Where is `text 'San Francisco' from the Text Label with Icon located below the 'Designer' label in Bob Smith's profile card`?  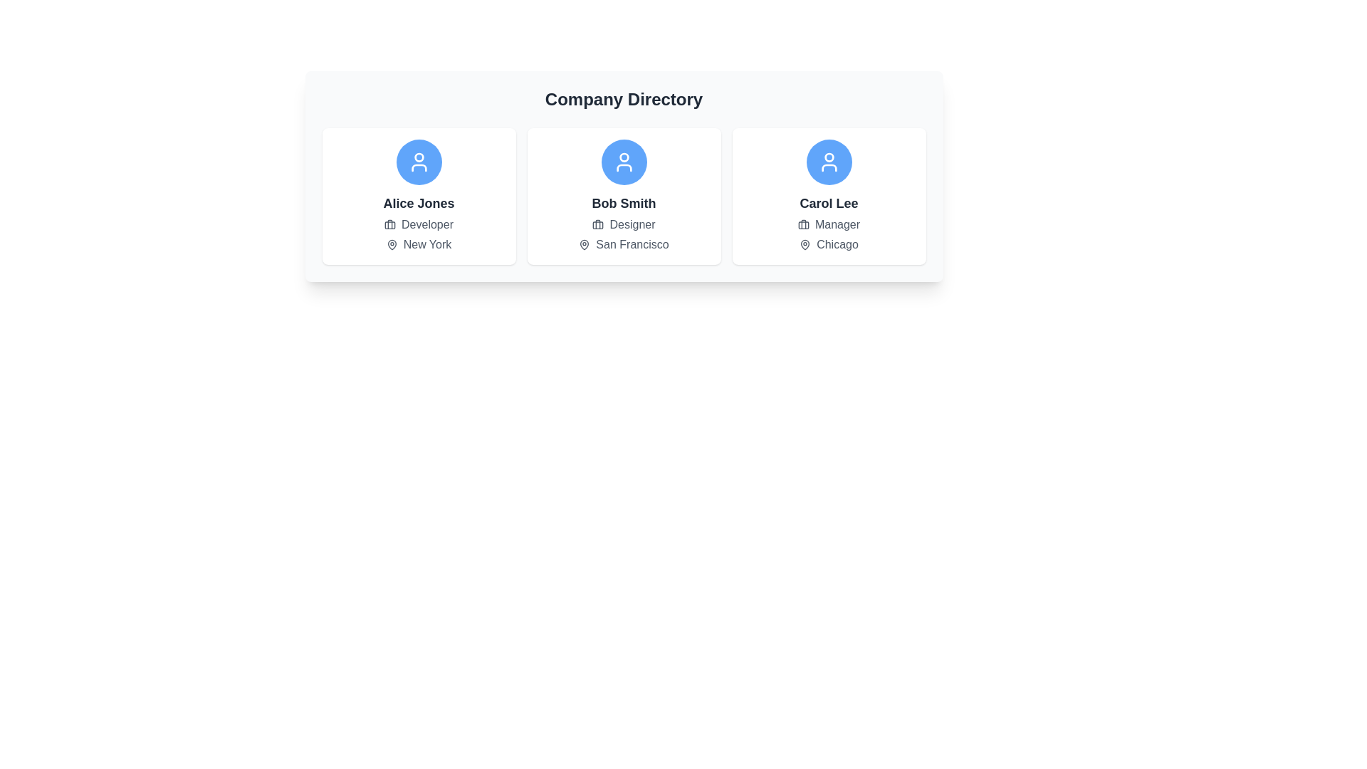
text 'San Francisco' from the Text Label with Icon located below the 'Designer' label in Bob Smith's profile card is located at coordinates (624, 244).